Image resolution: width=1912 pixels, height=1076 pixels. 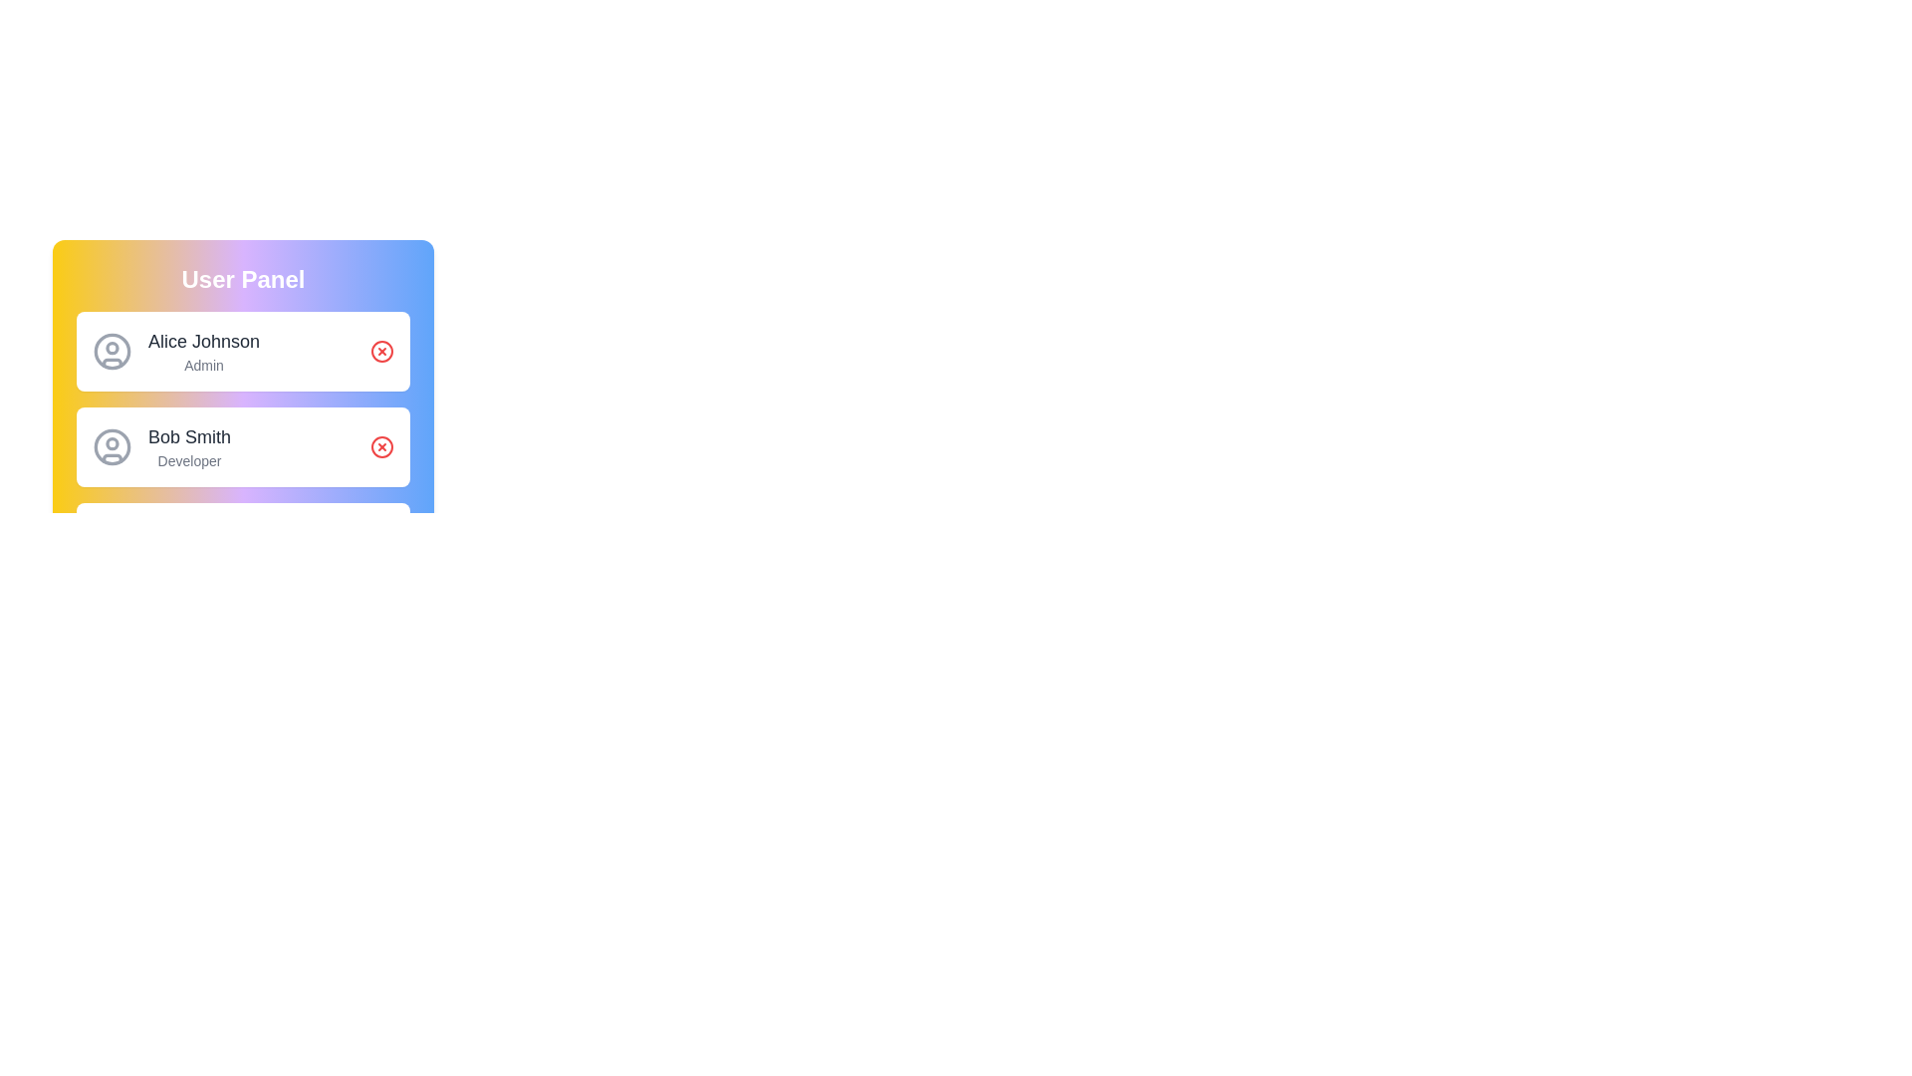 What do you see at coordinates (112, 445) in the screenshot?
I see `the circular user profile icon with a gray outline and a simplistic user silhouette, located to the left of the text 'Bob Smith' in the 'User Panel' interface` at bounding box center [112, 445].